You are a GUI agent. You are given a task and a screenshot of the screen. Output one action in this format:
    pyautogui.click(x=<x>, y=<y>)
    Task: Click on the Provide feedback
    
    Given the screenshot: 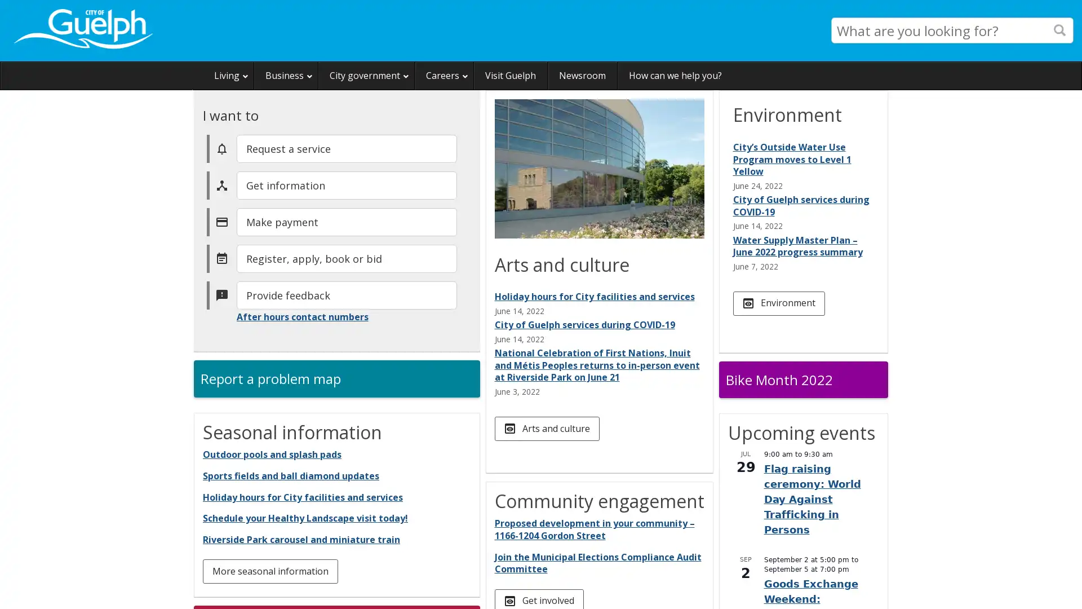 What is the action you would take?
    pyautogui.click(x=345, y=294)
    